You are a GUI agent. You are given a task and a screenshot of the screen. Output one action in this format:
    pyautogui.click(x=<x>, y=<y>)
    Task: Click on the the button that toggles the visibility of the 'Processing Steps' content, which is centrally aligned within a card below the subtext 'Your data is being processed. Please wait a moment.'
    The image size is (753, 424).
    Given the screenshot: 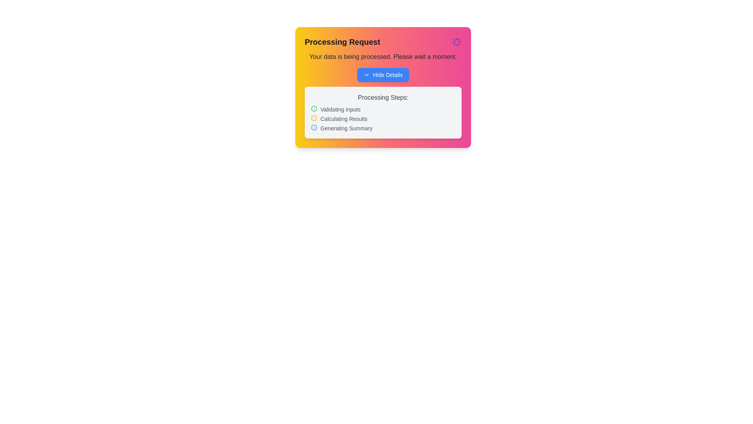 What is the action you would take?
    pyautogui.click(x=383, y=75)
    